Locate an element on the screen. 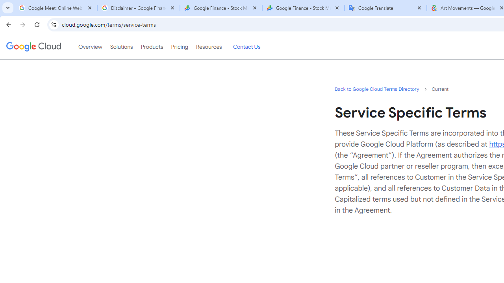 This screenshot has height=283, width=504. 'Google Cloud' is located at coordinates (33, 47).